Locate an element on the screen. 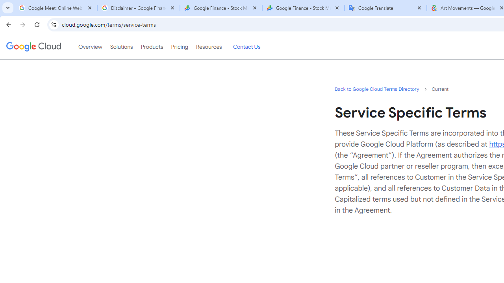 This screenshot has height=283, width=504. 'Google Cloud' is located at coordinates (33, 47).